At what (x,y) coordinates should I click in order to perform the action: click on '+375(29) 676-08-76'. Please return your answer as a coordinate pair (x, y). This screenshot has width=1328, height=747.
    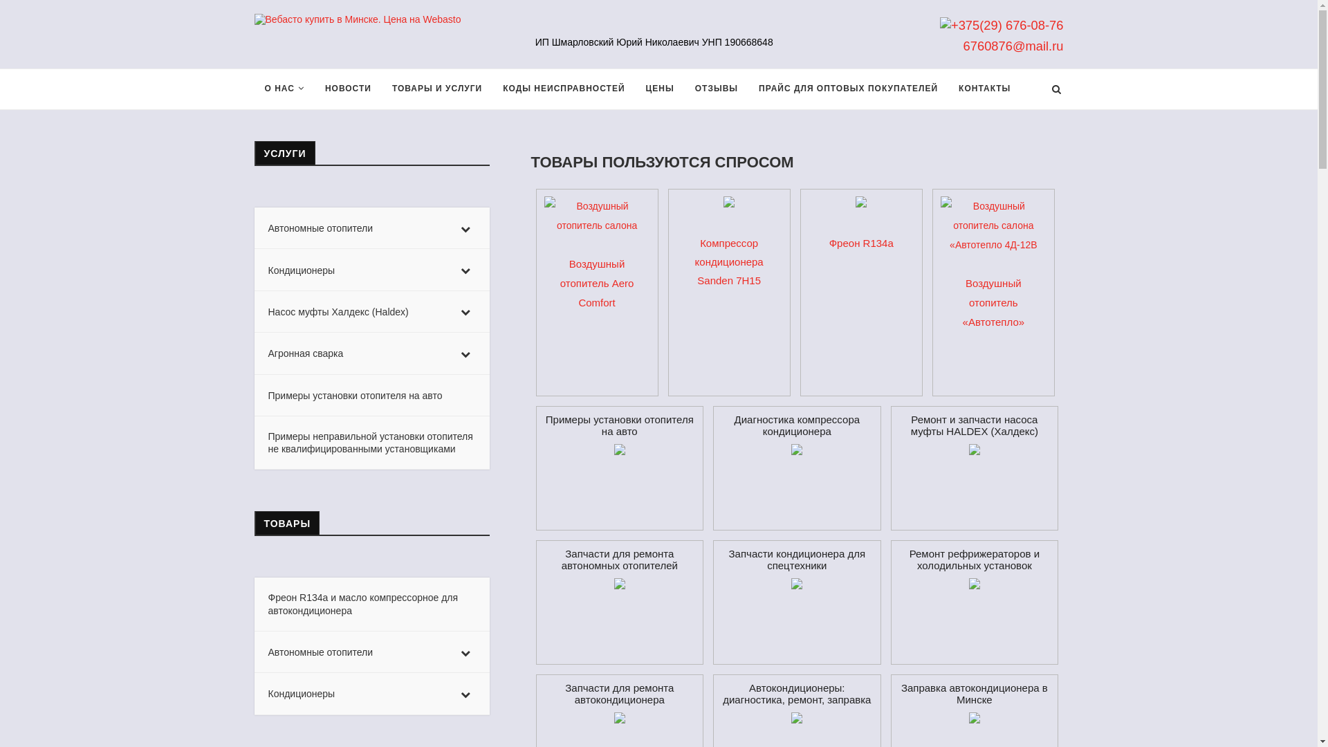
    Looking at the image, I should click on (939, 25).